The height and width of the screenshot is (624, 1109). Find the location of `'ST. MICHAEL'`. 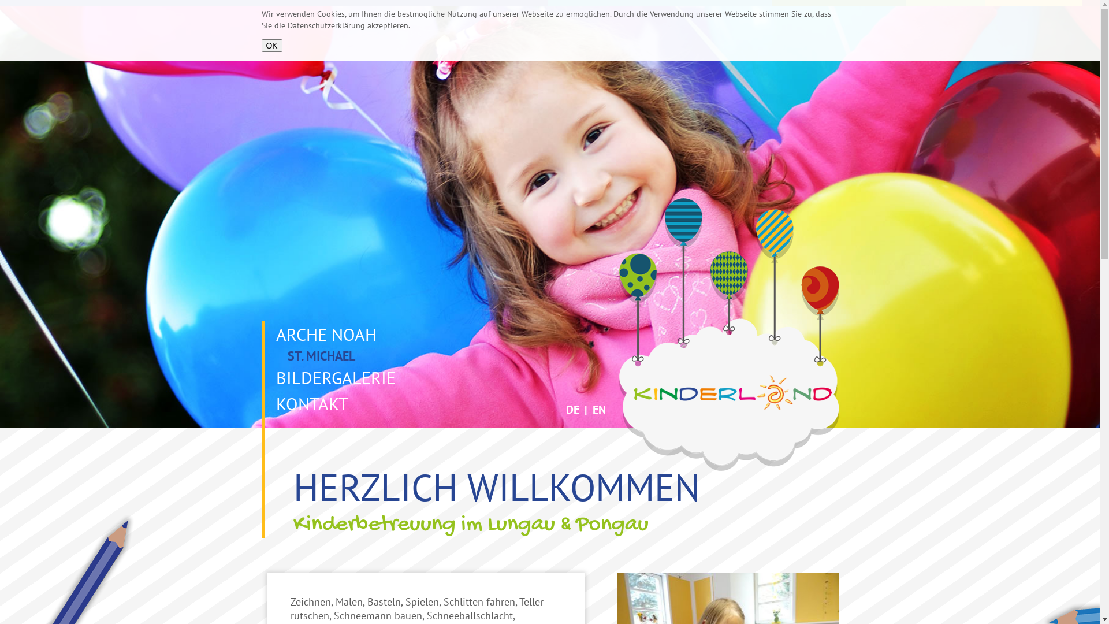

'ST. MICHAEL' is located at coordinates (263, 355).